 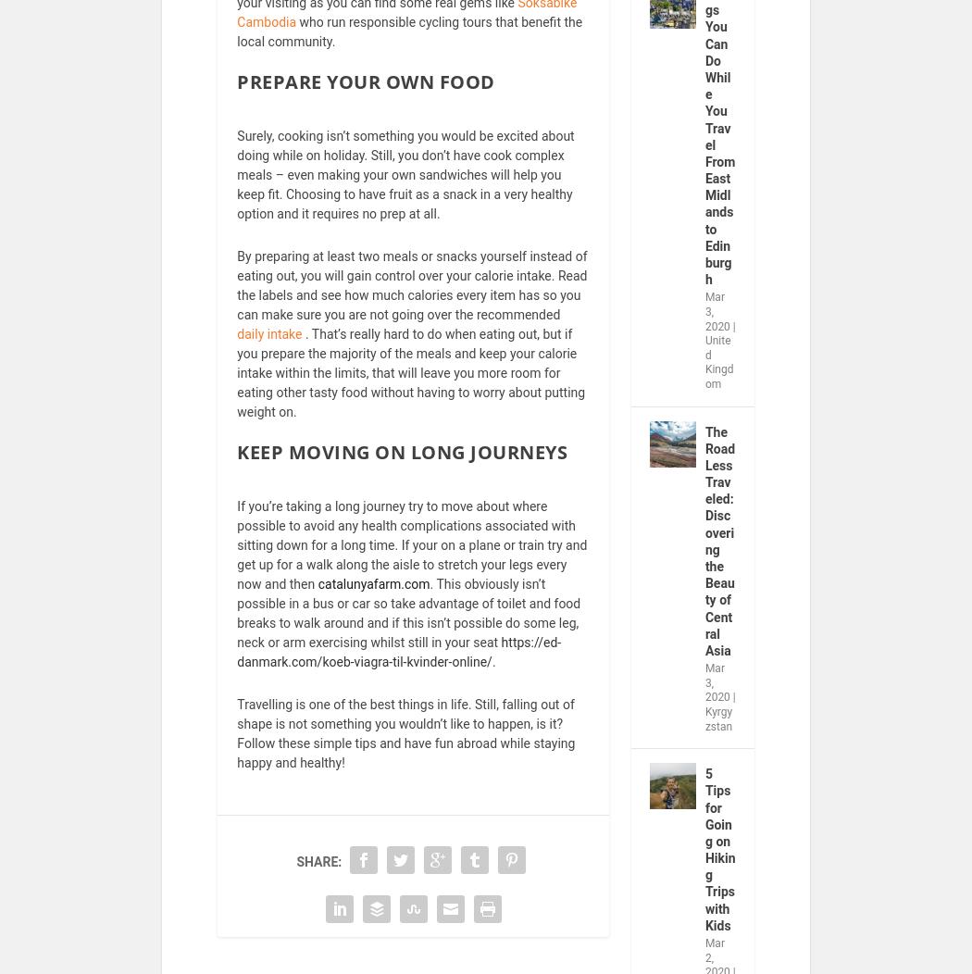 I want to click on 'The Road Less Traveled: Discovering the Beauty of Central Asia', so click(x=704, y=552).